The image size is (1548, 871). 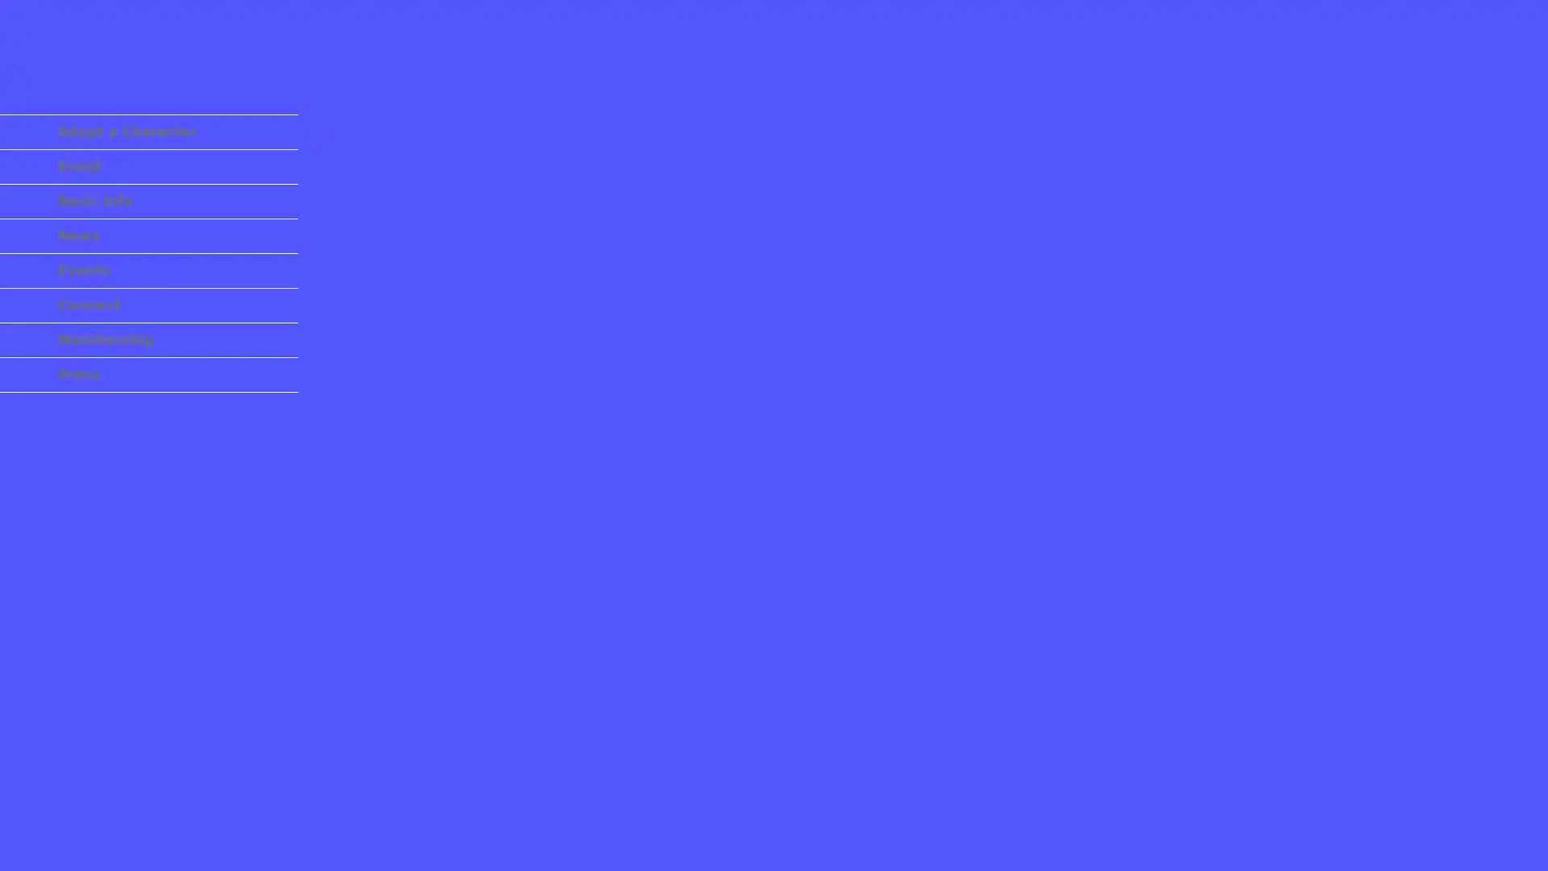 I want to click on . U+FF0E, so click(x=354, y=438).